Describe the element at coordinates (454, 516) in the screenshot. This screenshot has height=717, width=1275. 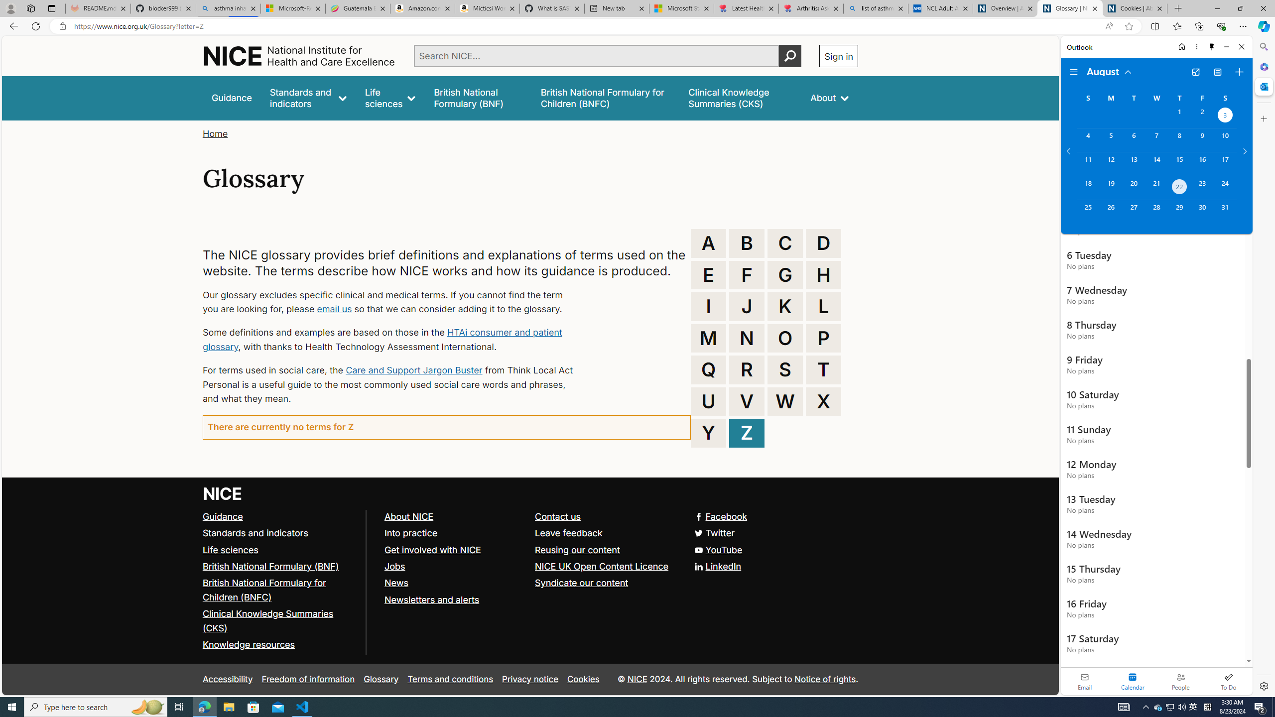
I see `'About NICE'` at that location.